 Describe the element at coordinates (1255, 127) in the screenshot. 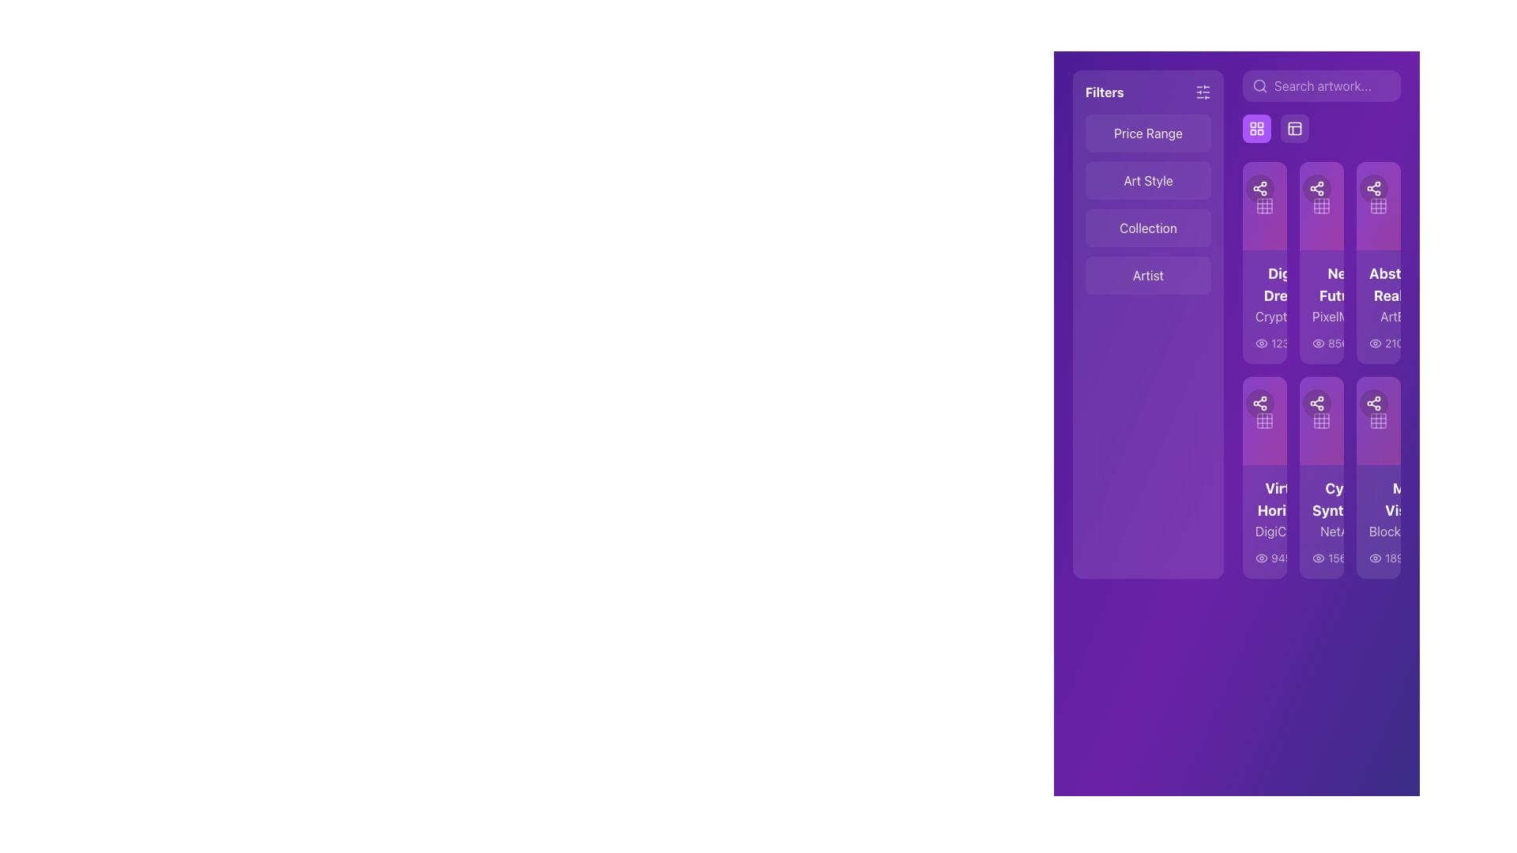

I see `the second interactive button from the left, located at the top section of the panel` at that location.